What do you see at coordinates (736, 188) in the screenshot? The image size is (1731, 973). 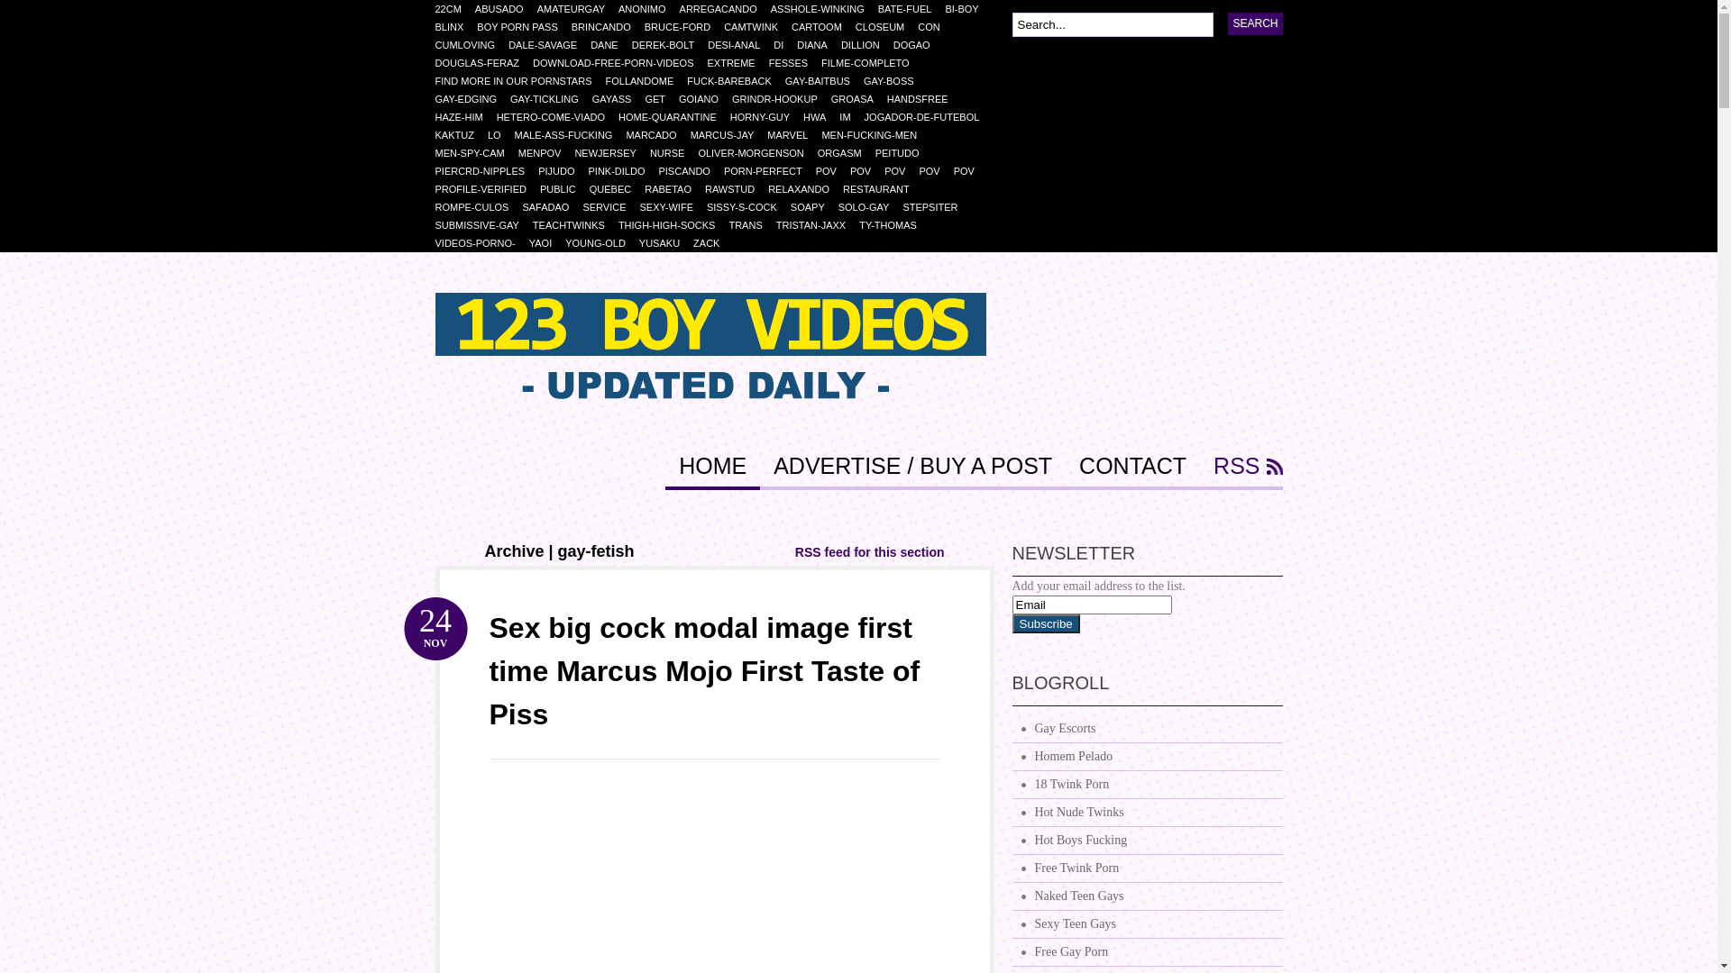 I see `'RAWSTUD'` at bounding box center [736, 188].